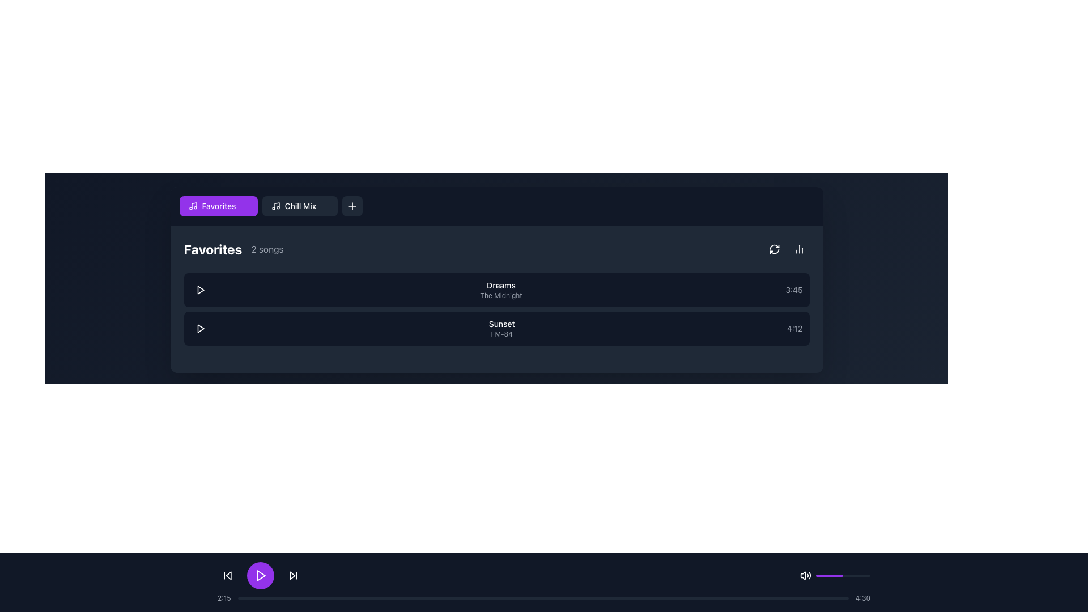 This screenshot has width=1088, height=612. I want to click on the play button located in the bottom navigation bar, so click(260, 575).